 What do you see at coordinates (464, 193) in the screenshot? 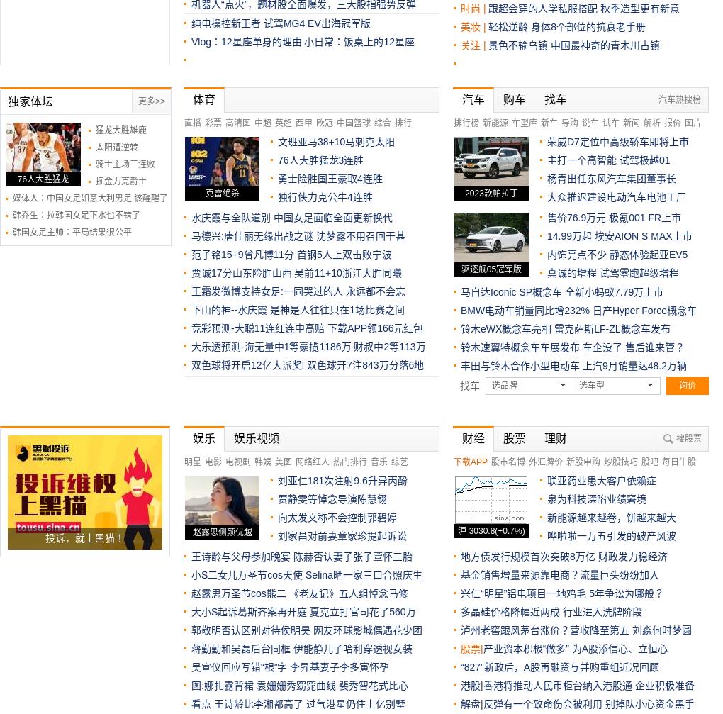
I see `'2023款帕拉丁'` at bounding box center [464, 193].